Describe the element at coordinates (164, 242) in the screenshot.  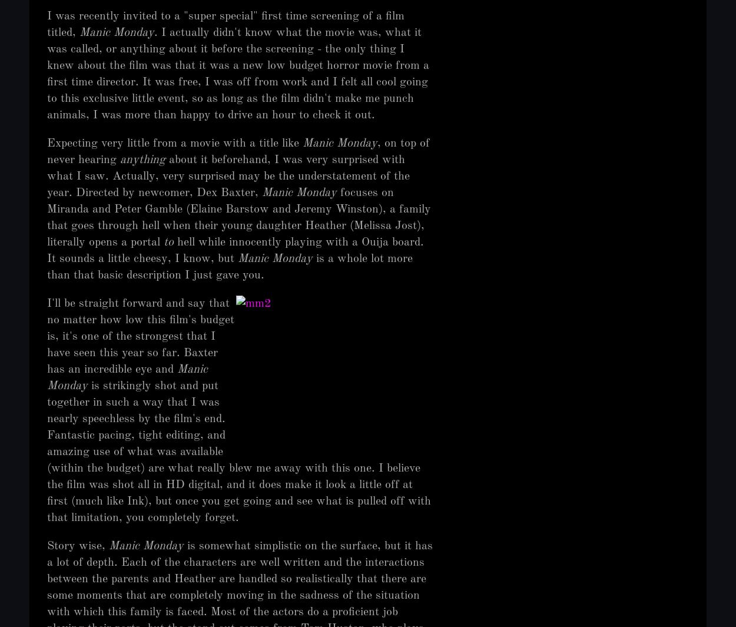
I see `'to'` at that location.